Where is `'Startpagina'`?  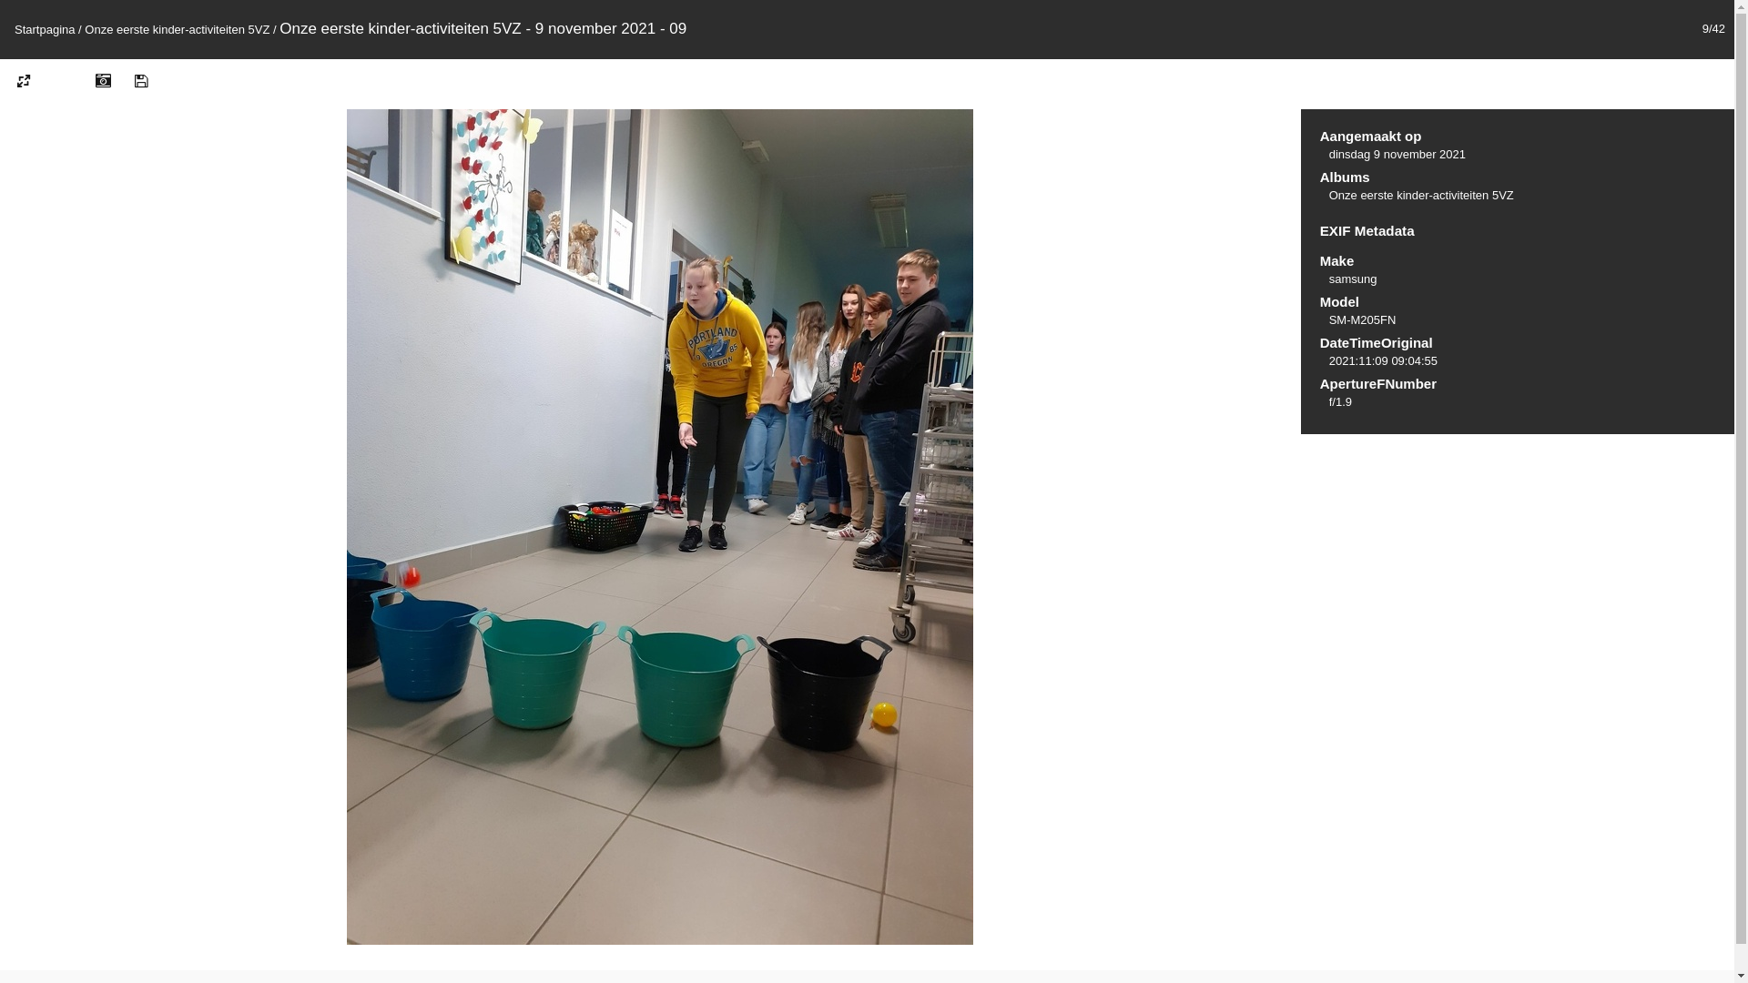 'Startpagina' is located at coordinates (45, 29).